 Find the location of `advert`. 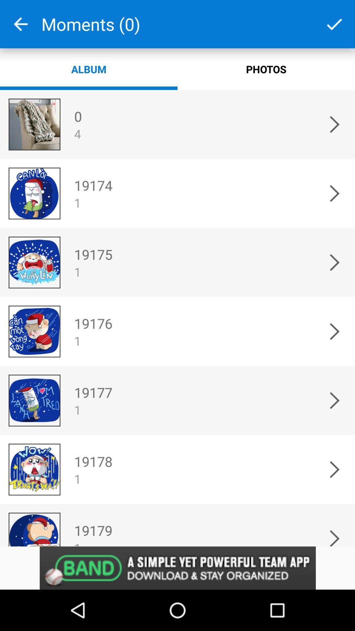

advert is located at coordinates (177, 568).